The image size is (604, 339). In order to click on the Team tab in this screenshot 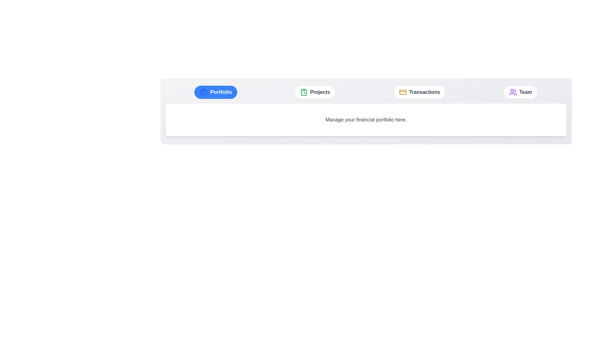, I will do `click(520, 92)`.